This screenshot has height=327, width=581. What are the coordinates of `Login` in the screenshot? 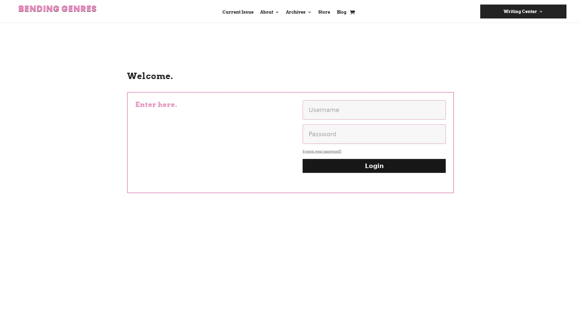 It's located at (374, 166).